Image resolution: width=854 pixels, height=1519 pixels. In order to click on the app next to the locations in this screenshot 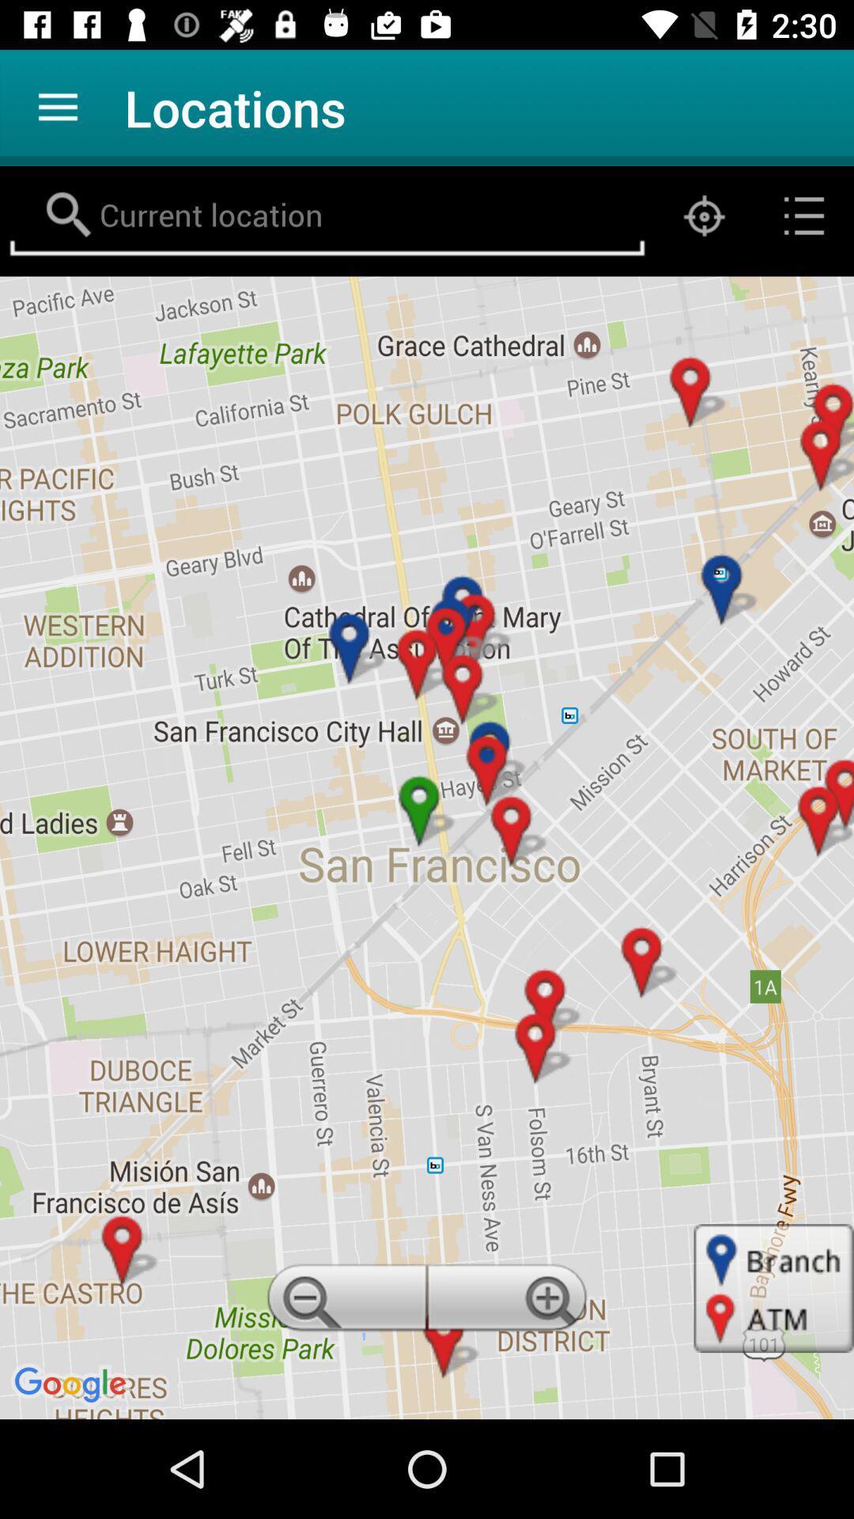, I will do `click(57, 107)`.